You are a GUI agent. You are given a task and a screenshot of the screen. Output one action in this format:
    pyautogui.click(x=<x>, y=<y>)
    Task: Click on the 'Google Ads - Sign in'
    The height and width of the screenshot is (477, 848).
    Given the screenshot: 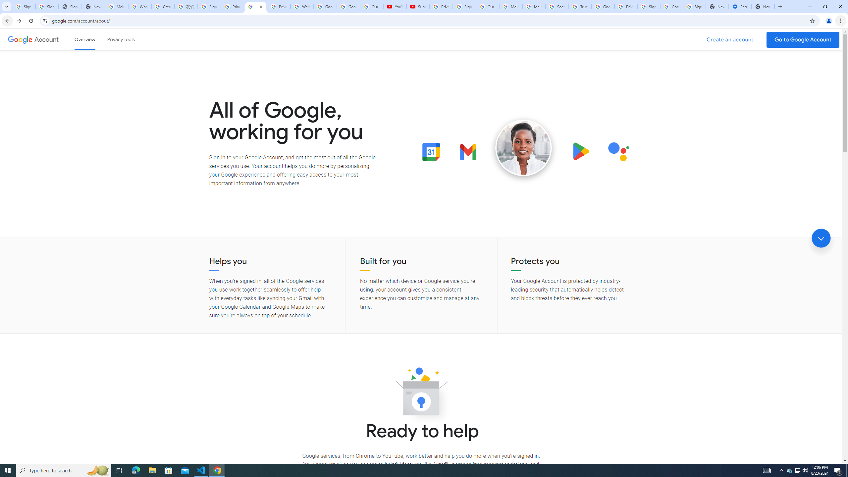 What is the action you would take?
    pyautogui.click(x=603, y=6)
    